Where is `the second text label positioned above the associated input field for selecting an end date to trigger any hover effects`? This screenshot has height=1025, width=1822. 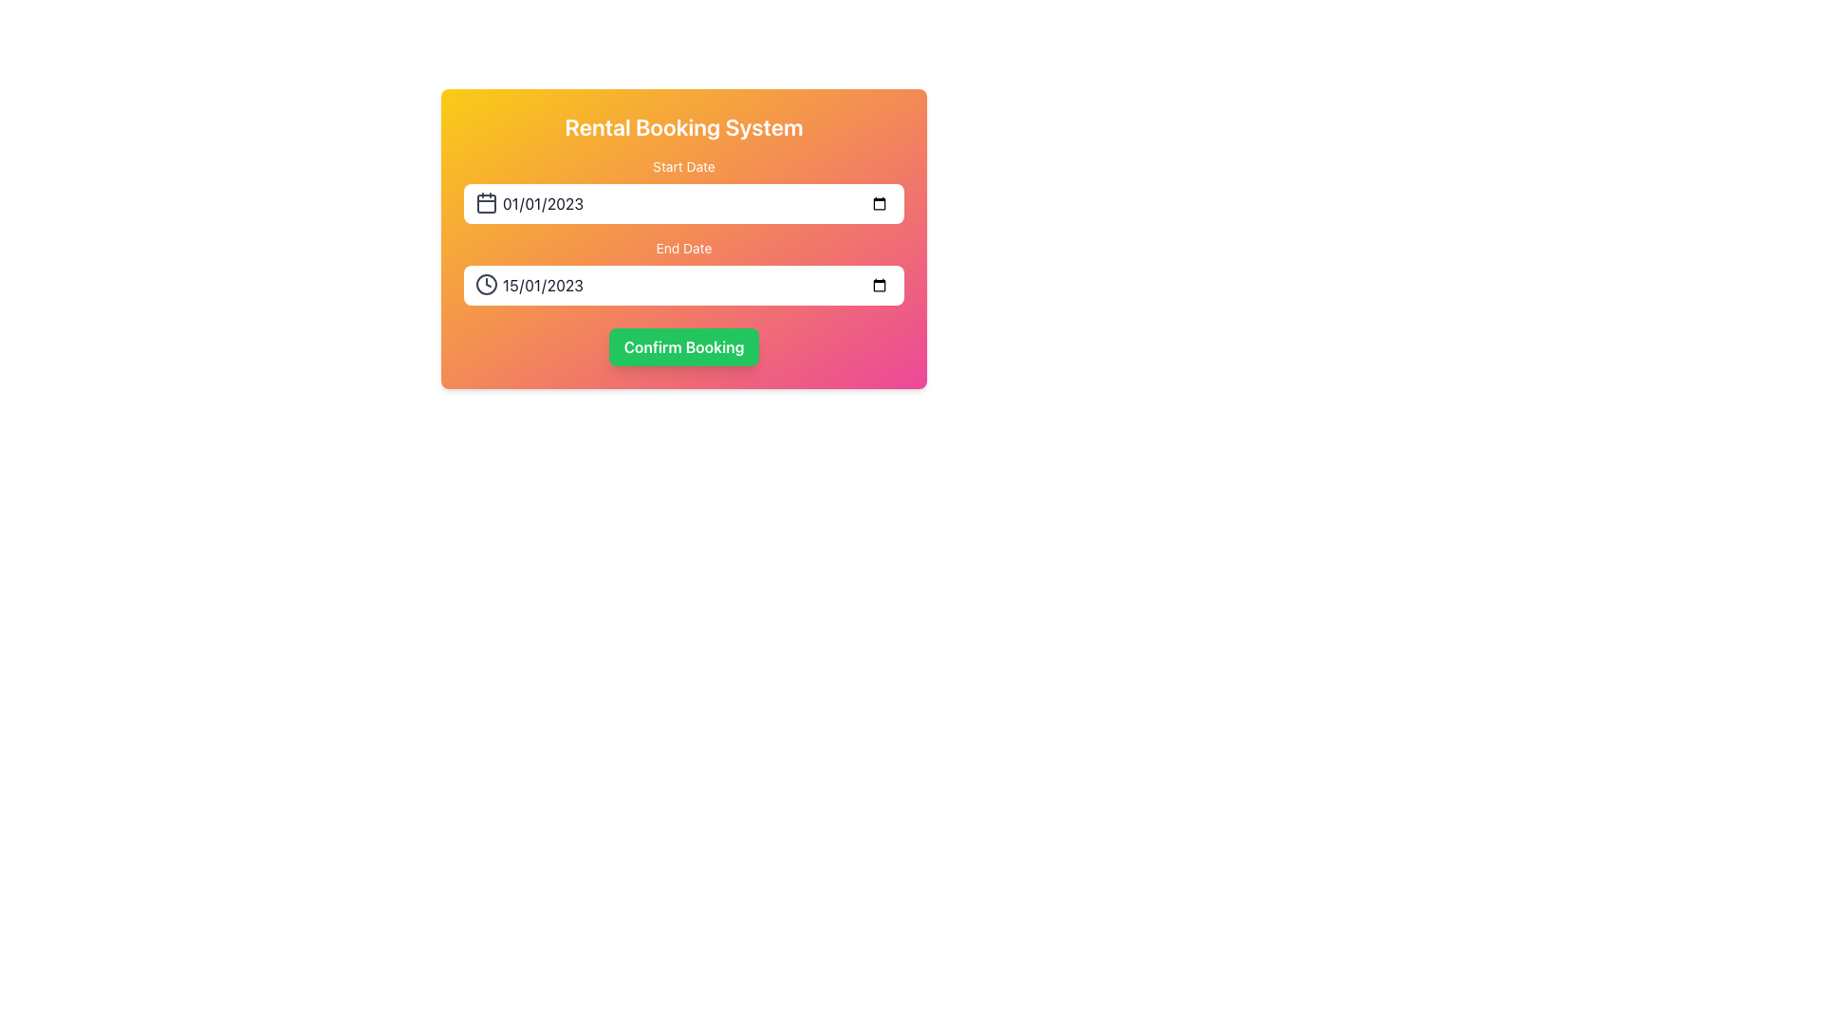 the second text label positioned above the associated input field for selecting an end date to trigger any hover effects is located at coordinates (683, 248).